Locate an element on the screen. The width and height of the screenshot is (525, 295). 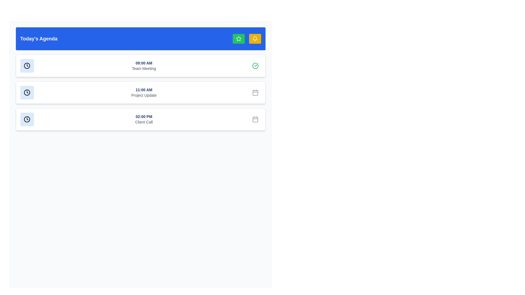
the star button located on the left side of the yellow bell-shaped button in the horizontal blue bar at the top of the interface is located at coordinates (239, 39).